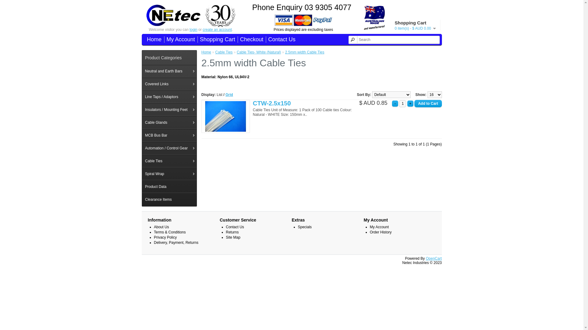 The height and width of the screenshot is (330, 588). I want to click on 'Clearance Items', so click(169, 199).